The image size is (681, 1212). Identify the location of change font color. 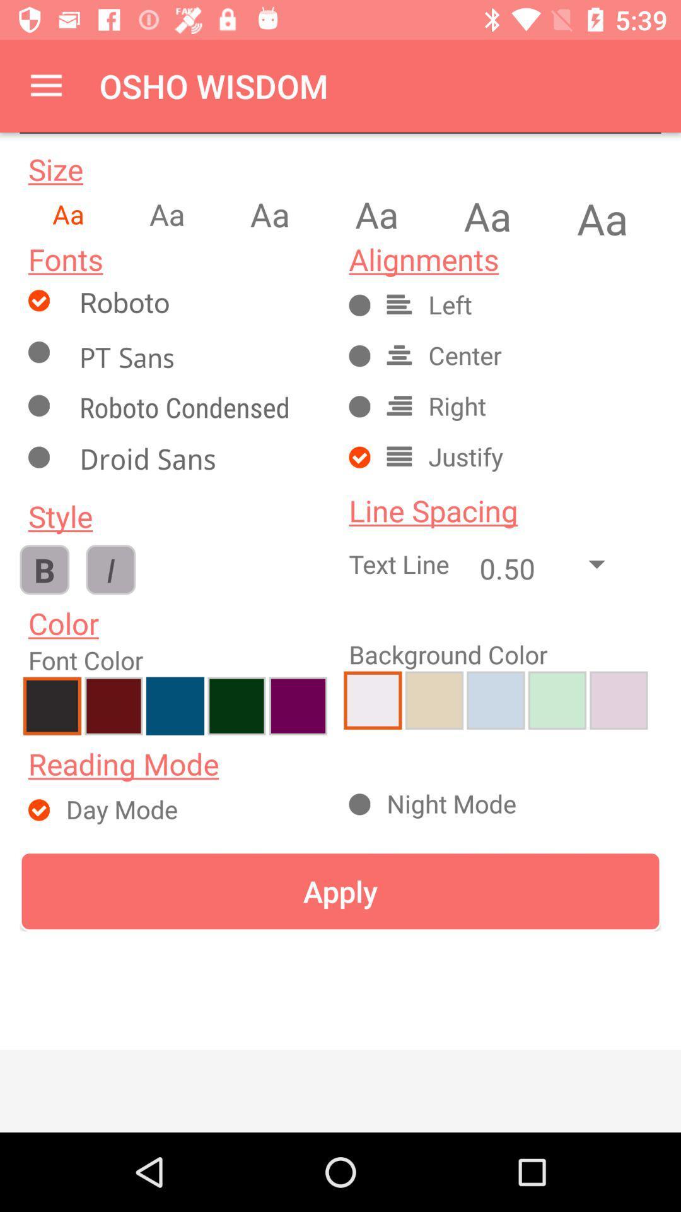
(113, 705).